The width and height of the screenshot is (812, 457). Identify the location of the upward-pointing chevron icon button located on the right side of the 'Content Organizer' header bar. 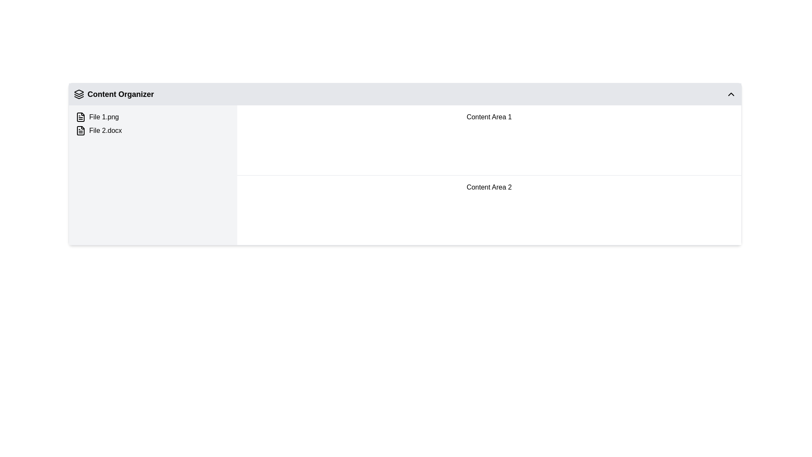
(730, 94).